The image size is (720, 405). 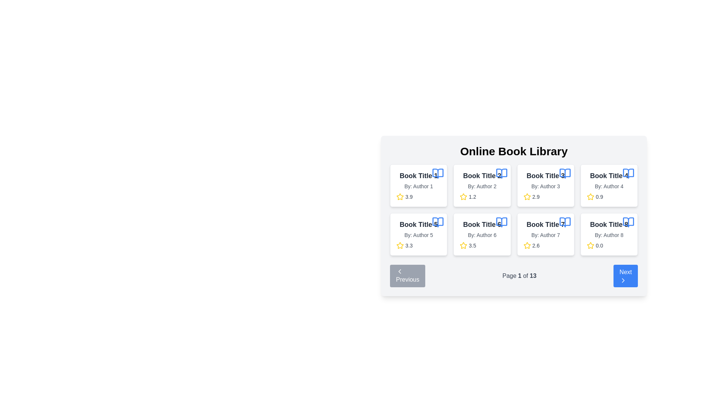 What do you see at coordinates (526, 196) in the screenshot?
I see `the yellow star icon used for ratings, located below 'Book Title 3' and the rating number '2.9' in the third card of the book grid` at bounding box center [526, 196].